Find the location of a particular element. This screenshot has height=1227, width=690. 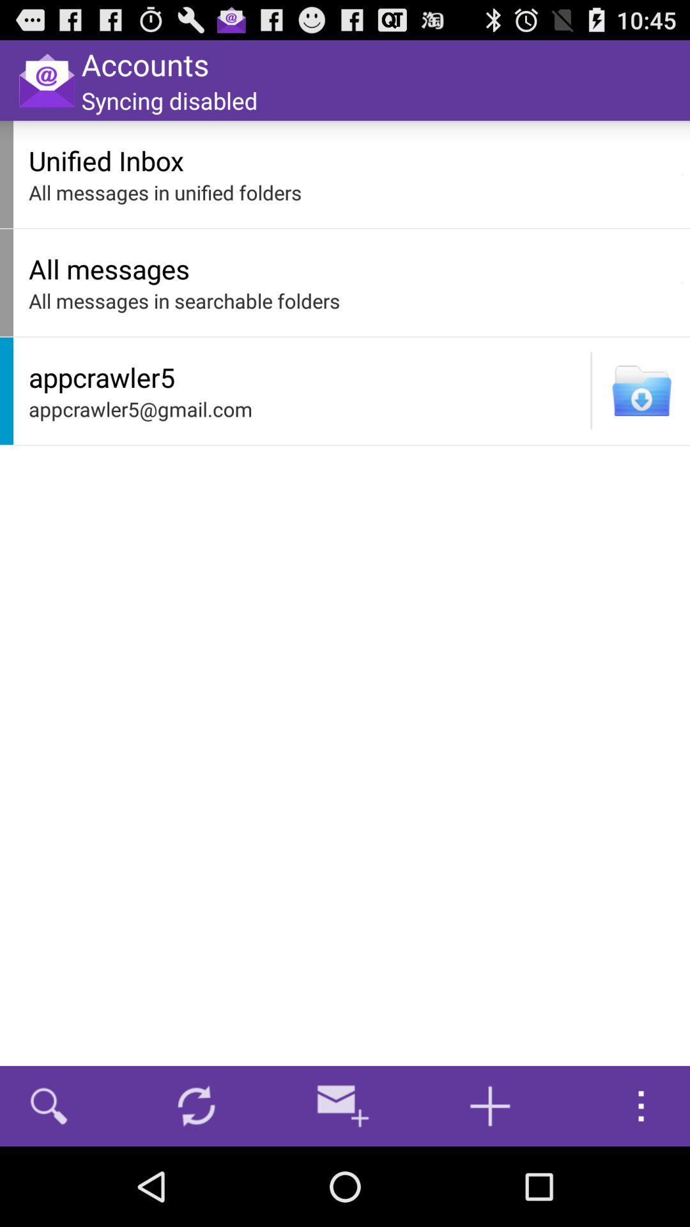

the item next to the all messages app is located at coordinates (682, 282).